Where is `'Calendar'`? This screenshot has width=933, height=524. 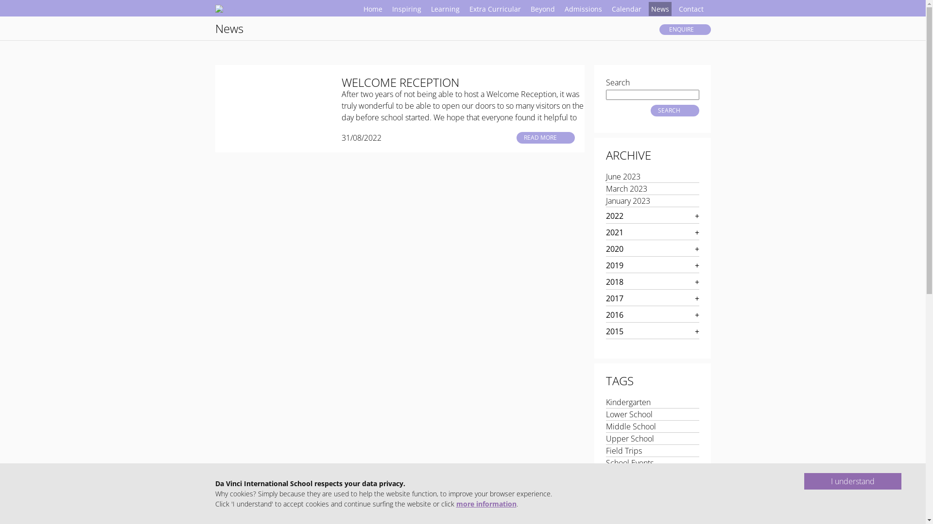
'Calendar' is located at coordinates (626, 9).